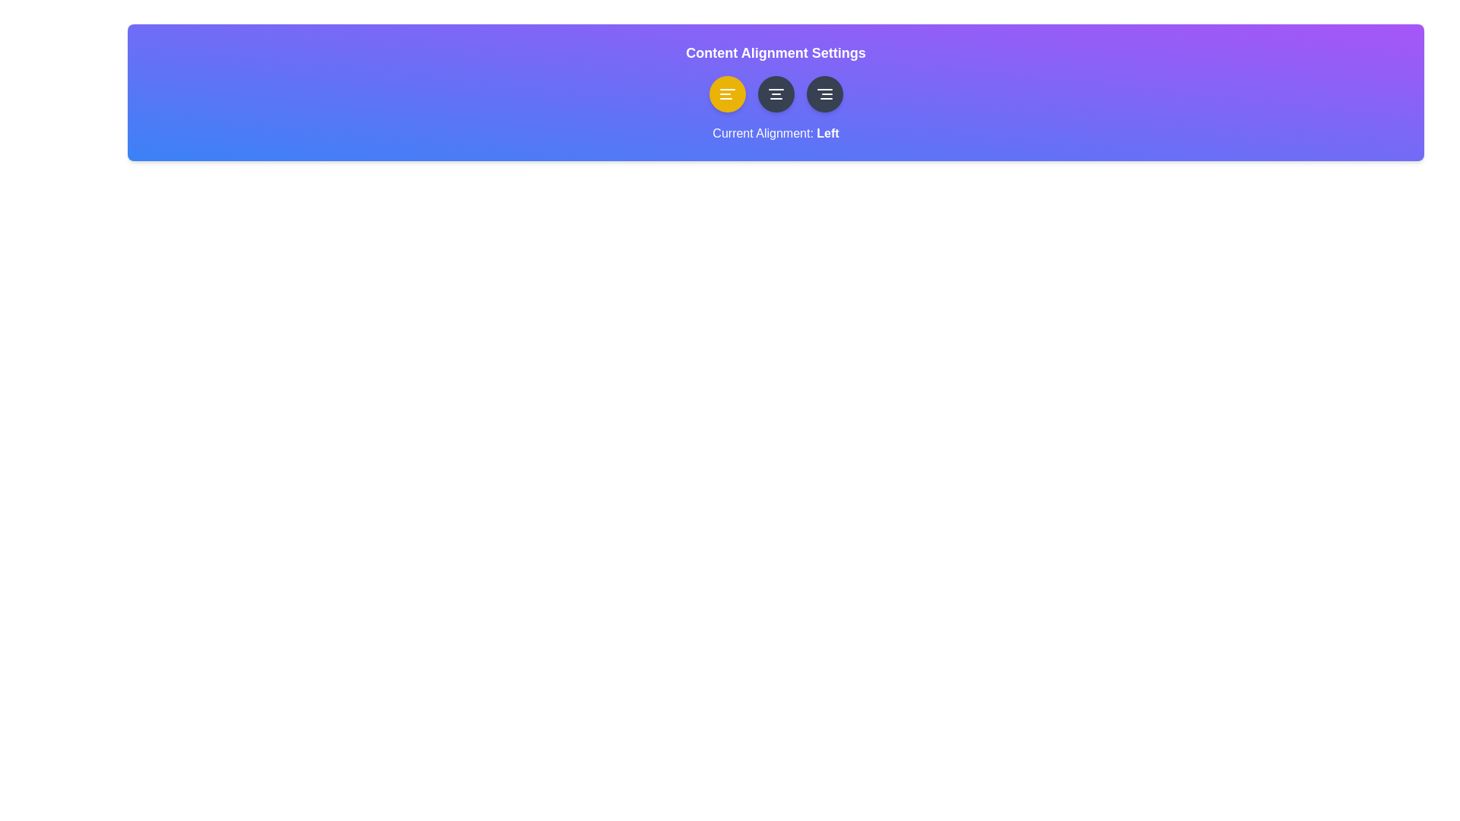  I want to click on the button corresponding to left, so click(726, 94).